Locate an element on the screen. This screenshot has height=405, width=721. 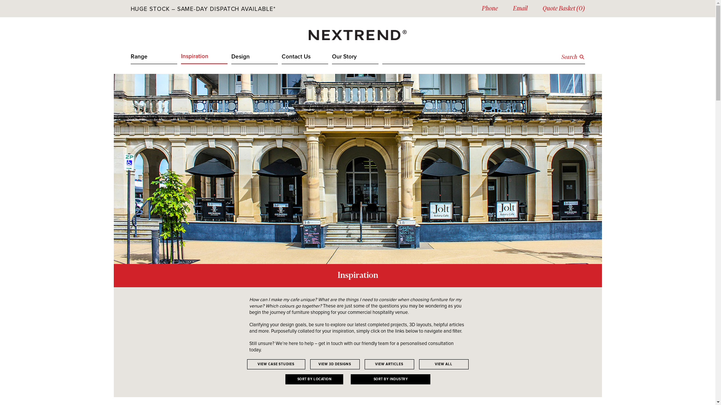
'Design' is located at coordinates (231, 58).